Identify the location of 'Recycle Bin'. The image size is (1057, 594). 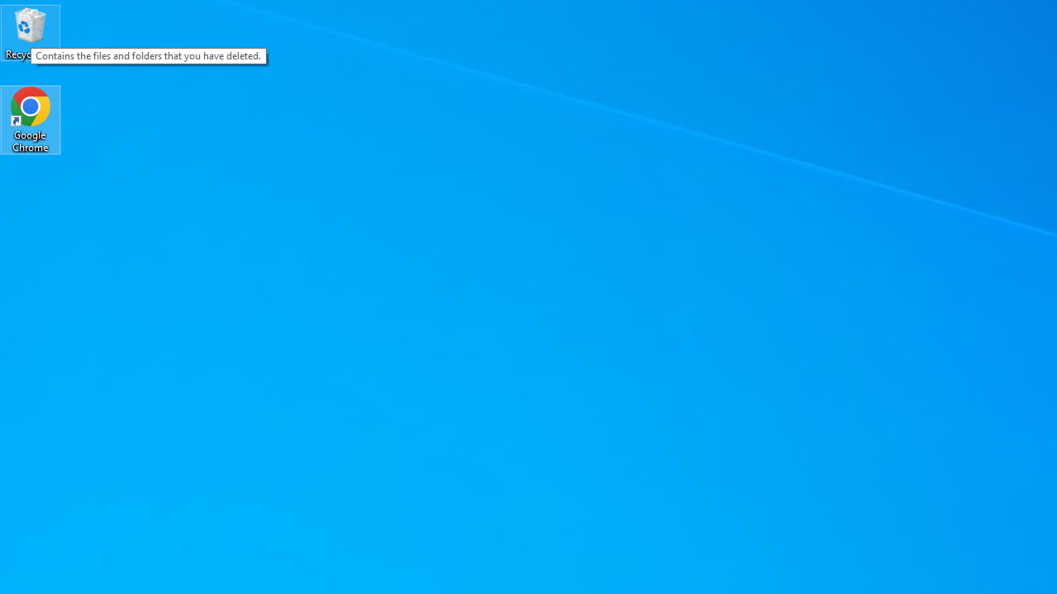
(31, 32).